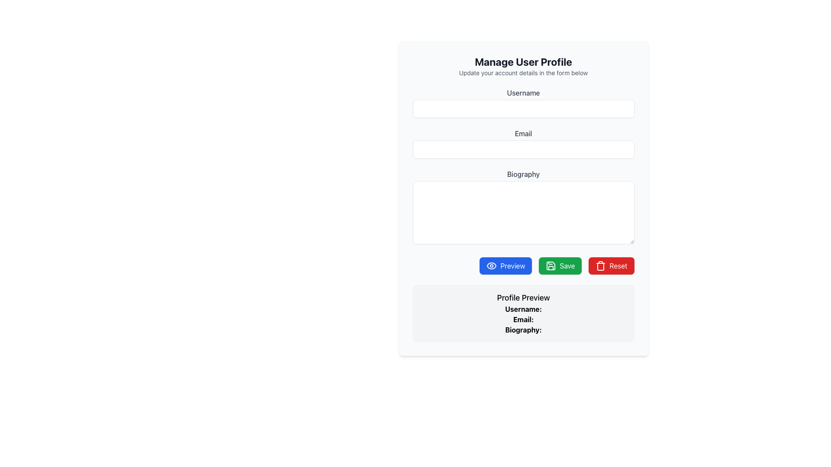 The width and height of the screenshot is (831, 467). Describe the element at coordinates (492, 265) in the screenshot. I see `the left elliptical component of the outlined eye structure within the eye icon, which is located near the blue 'Preview' button` at that location.